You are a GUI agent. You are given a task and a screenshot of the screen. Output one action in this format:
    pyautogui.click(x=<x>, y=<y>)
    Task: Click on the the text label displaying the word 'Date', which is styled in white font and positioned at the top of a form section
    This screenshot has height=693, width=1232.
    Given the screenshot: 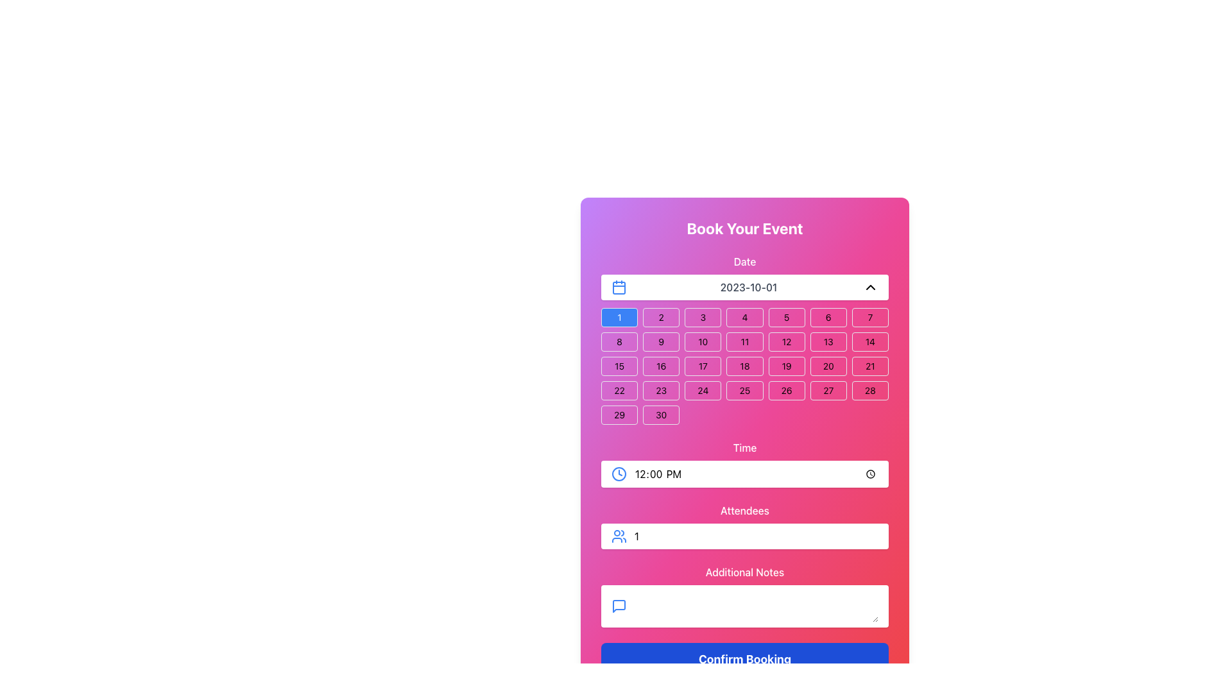 What is the action you would take?
    pyautogui.click(x=745, y=261)
    